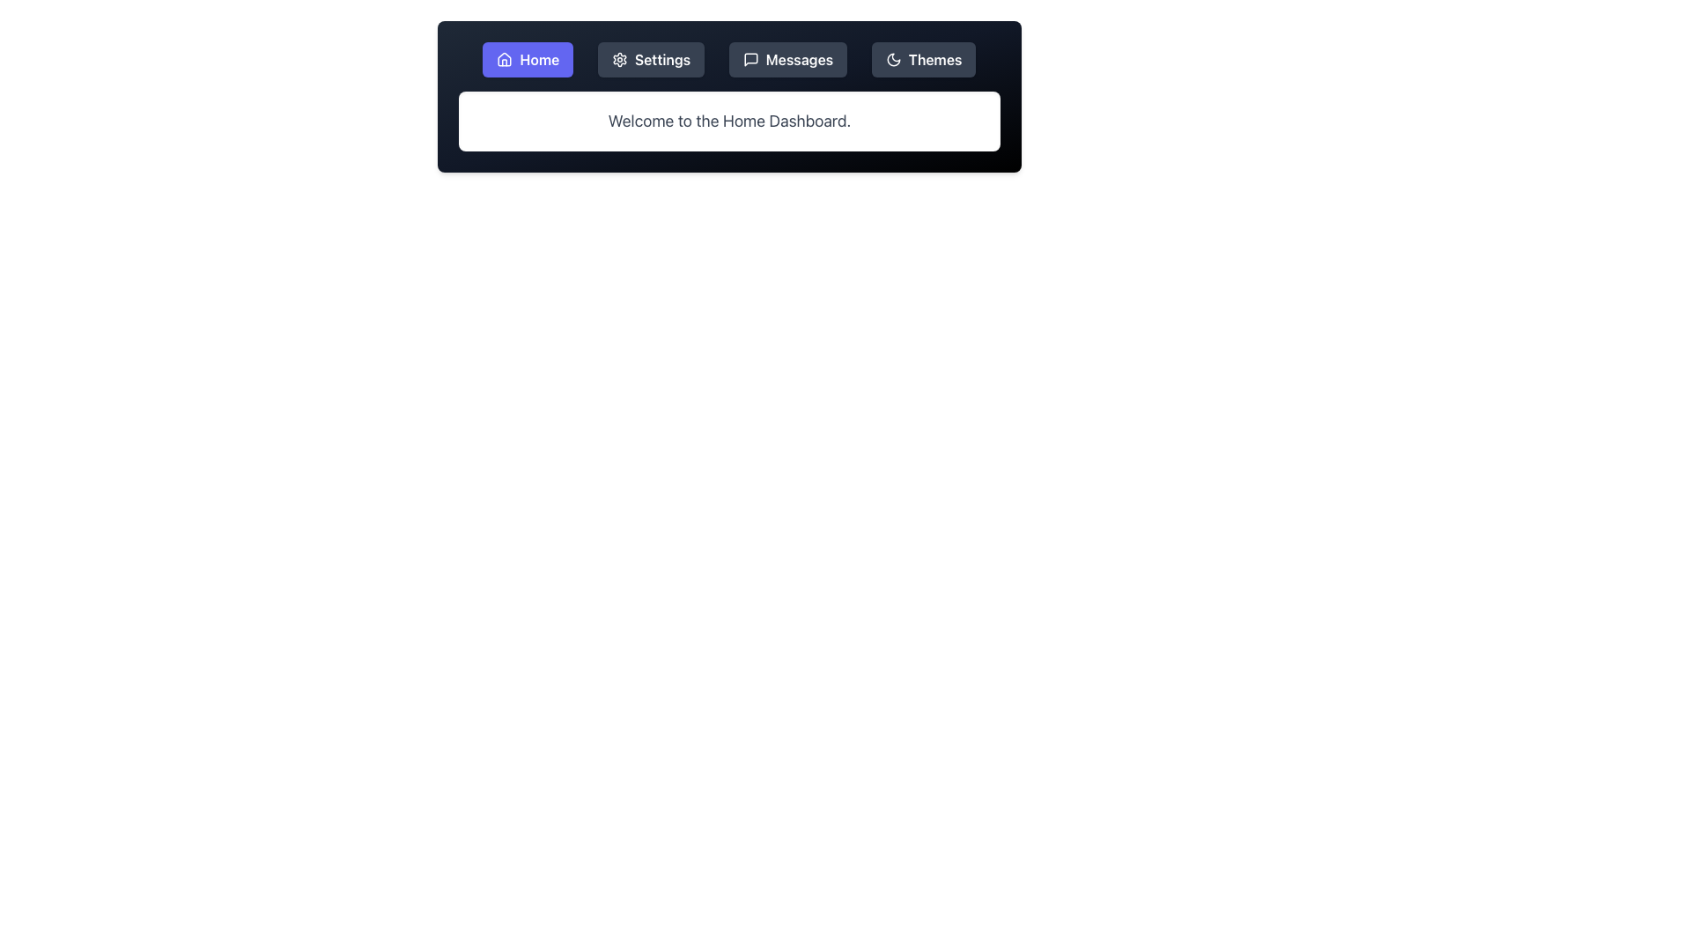  What do you see at coordinates (661, 59) in the screenshot?
I see `the 'Settings' text label located in the navigation bar, positioned between the 'Home' icon and 'Messages' icon` at bounding box center [661, 59].